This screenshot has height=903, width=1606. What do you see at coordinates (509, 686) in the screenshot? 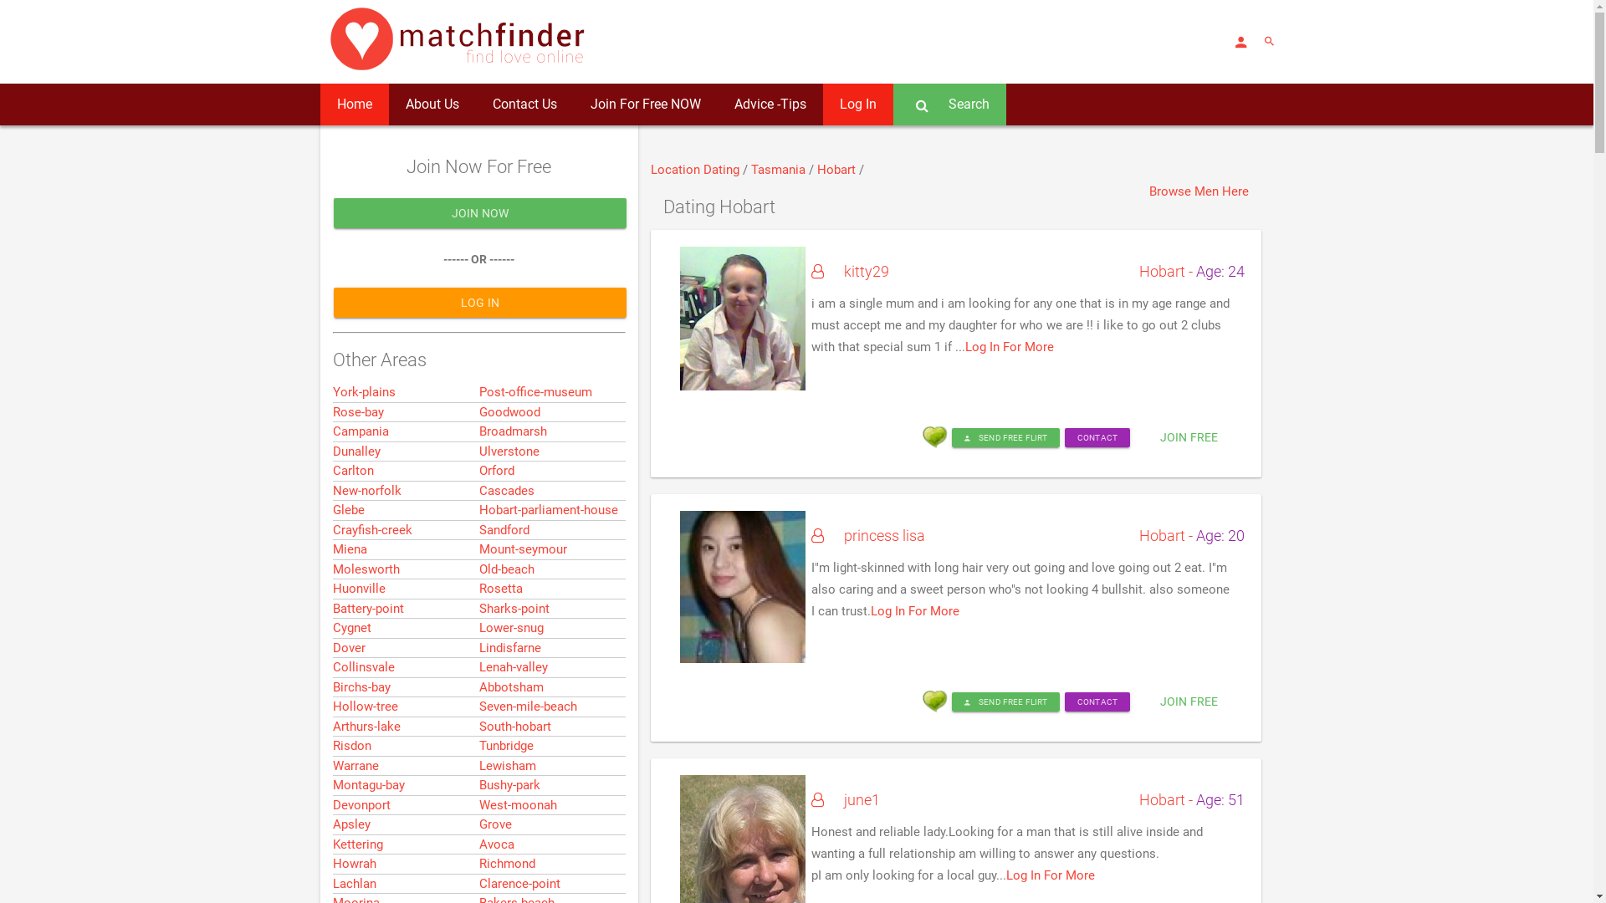
I see `'Abbotsham'` at bounding box center [509, 686].